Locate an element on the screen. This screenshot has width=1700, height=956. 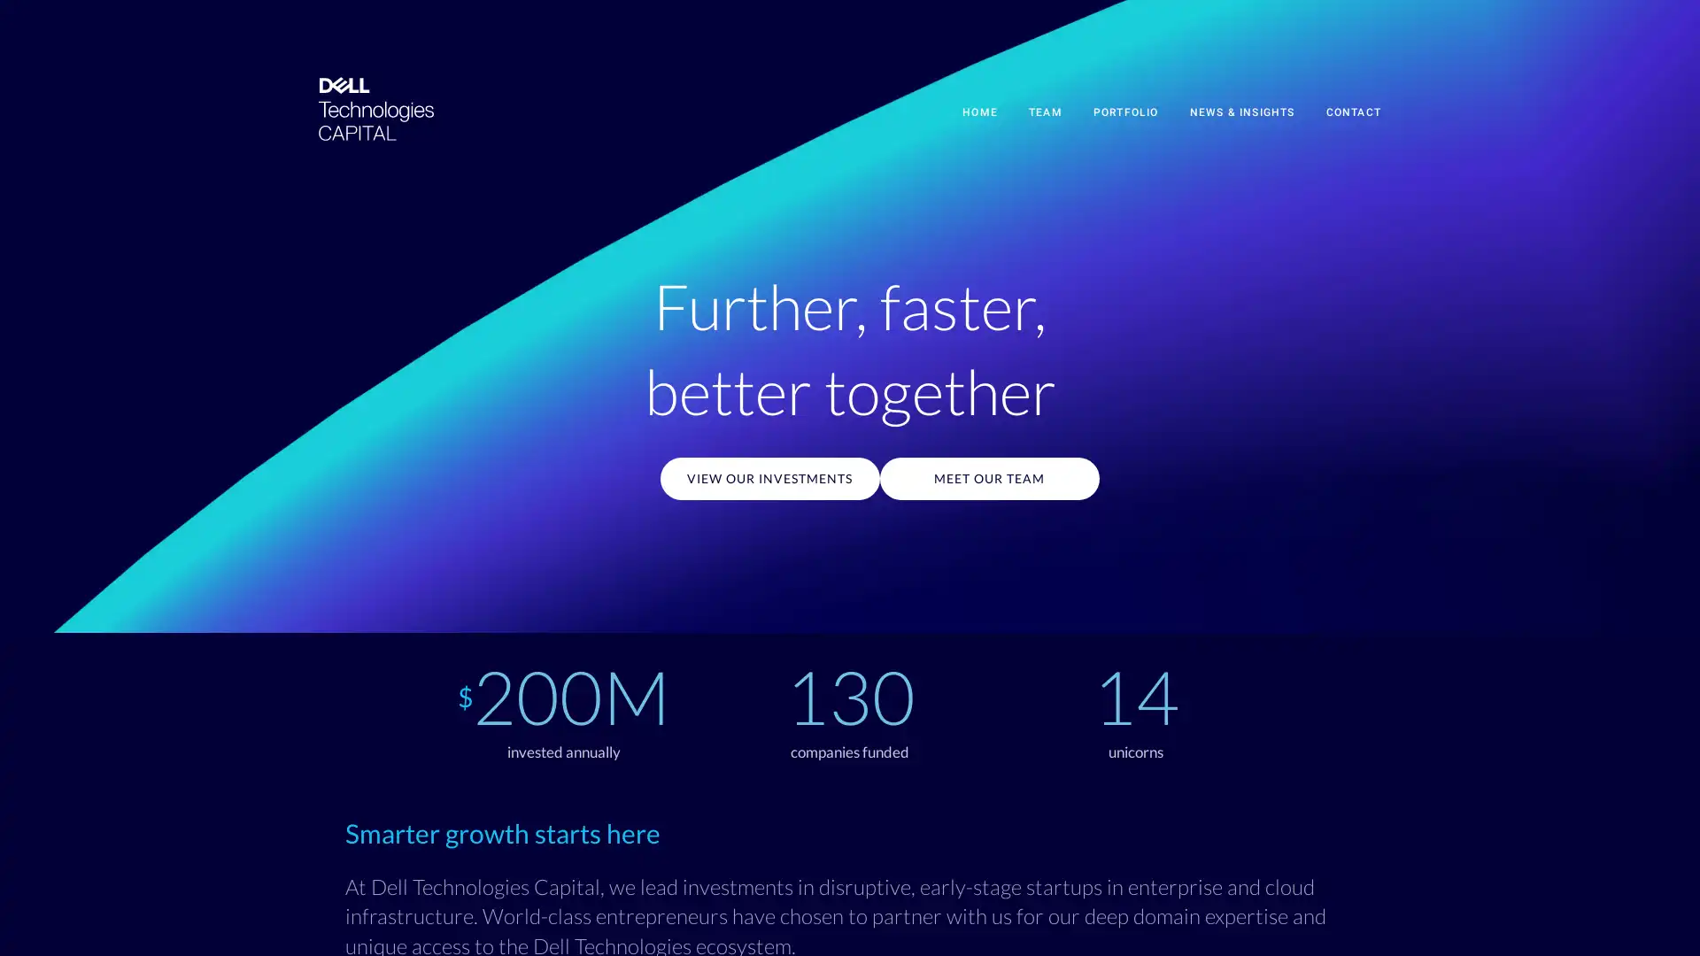
VIEW OUR INVESTMENTS is located at coordinates (738, 478).